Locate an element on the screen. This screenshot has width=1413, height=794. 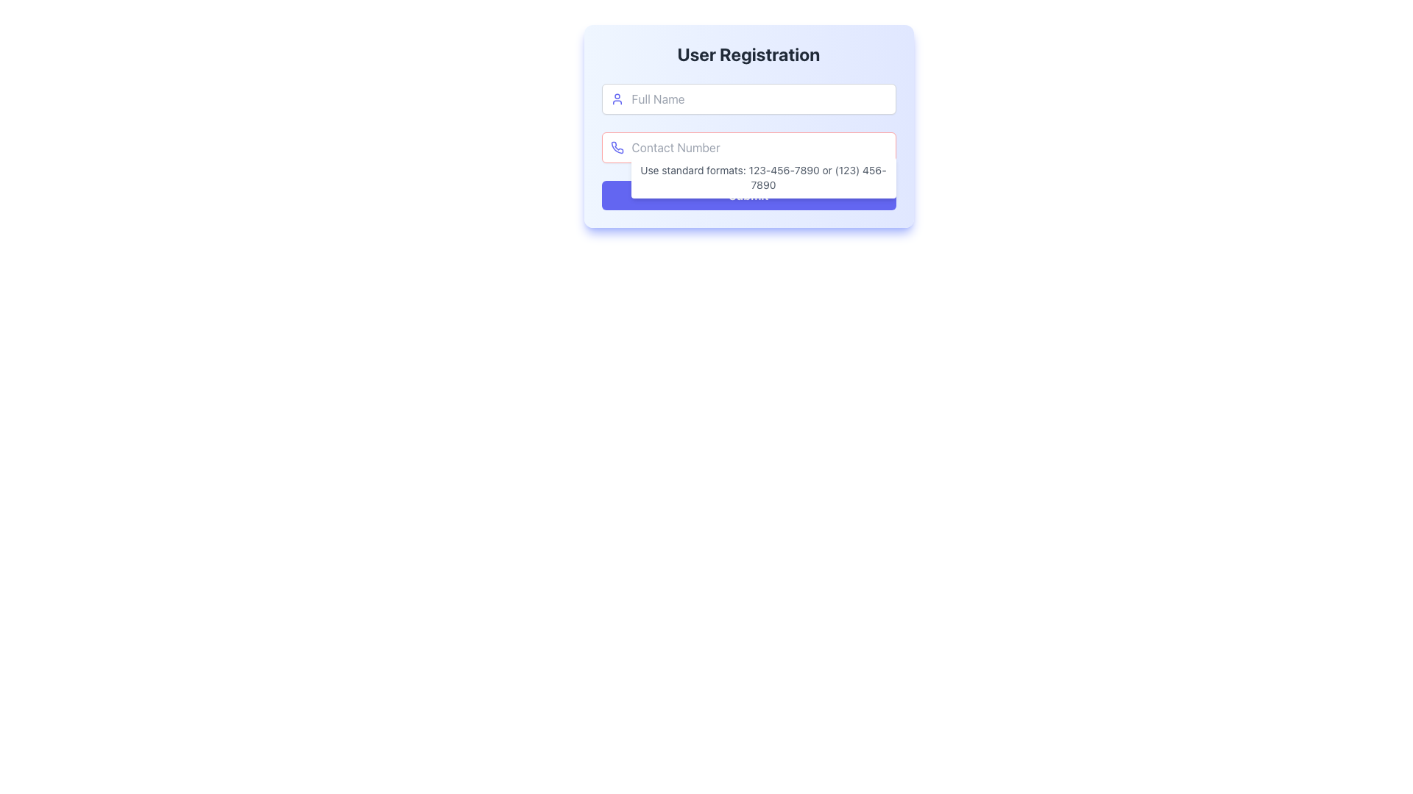
the bold header text 'User Registration' which is styled in a large font size and dark gray color, located at the top center of the interface is located at coordinates (748, 53).